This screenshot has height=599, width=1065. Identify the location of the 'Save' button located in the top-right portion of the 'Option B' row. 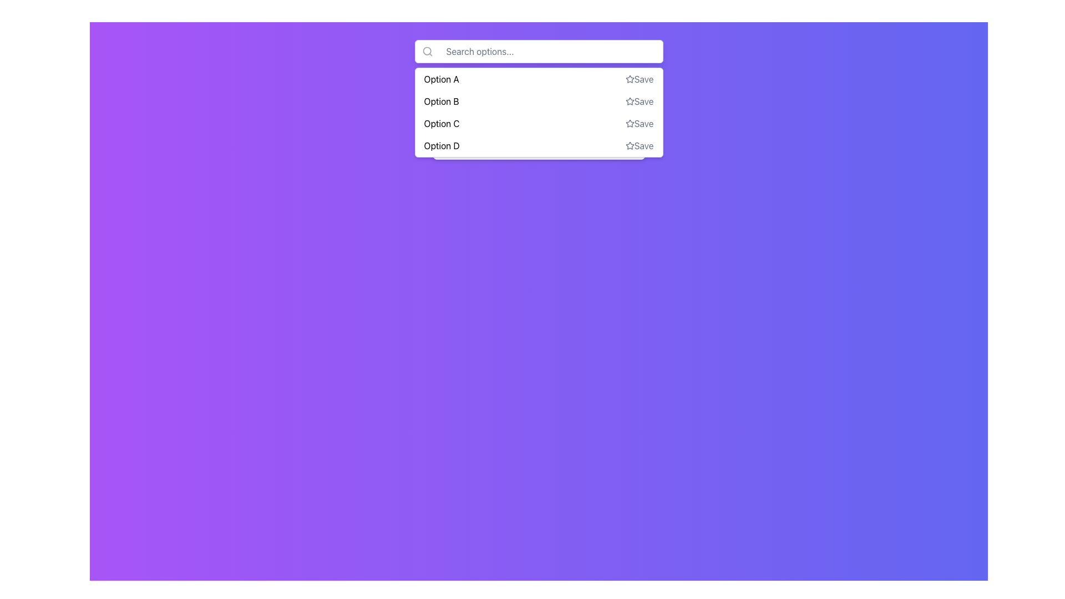
(639, 101).